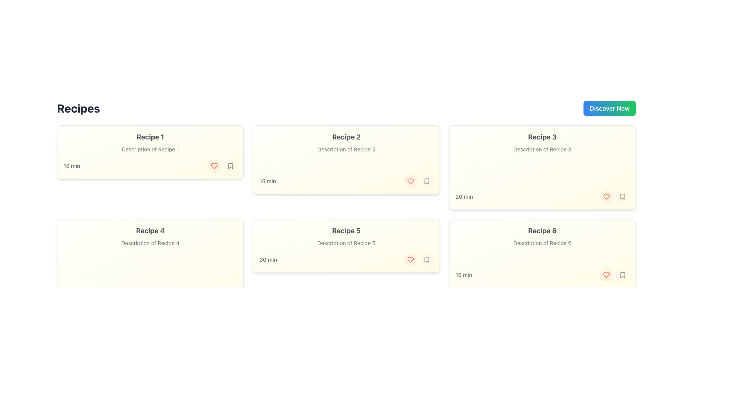 This screenshot has height=415, width=739. Describe the element at coordinates (542, 137) in the screenshot. I see `text content of the 'Recipe 3' title label located in the third card of the top row` at that location.